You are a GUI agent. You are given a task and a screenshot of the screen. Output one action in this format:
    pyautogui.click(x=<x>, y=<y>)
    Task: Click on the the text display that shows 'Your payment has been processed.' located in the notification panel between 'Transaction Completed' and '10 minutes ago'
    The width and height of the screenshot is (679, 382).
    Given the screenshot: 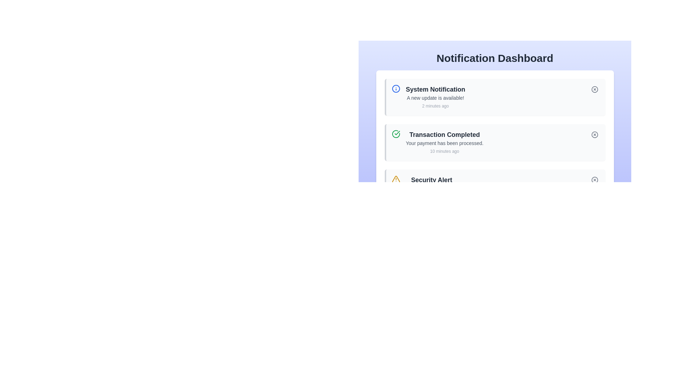 What is the action you would take?
    pyautogui.click(x=444, y=143)
    